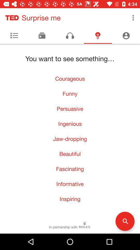 This screenshot has width=140, height=250. Describe the element at coordinates (70, 184) in the screenshot. I see `icon above the inspiring icon` at that location.